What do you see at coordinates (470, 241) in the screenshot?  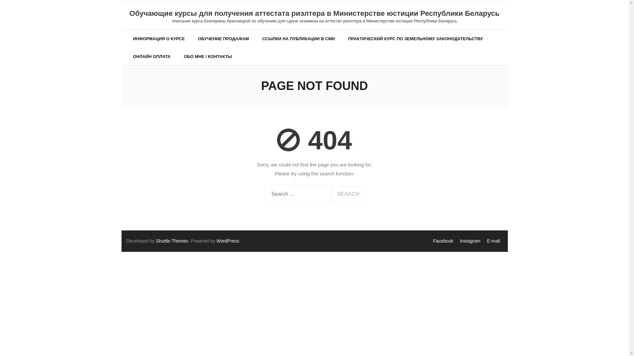 I see `'Instagram'` at bounding box center [470, 241].